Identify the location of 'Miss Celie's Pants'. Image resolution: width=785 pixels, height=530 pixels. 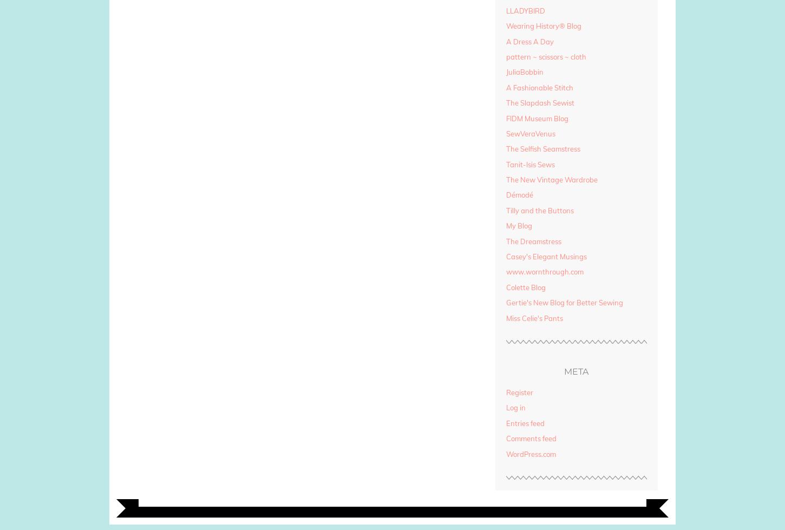
(534, 317).